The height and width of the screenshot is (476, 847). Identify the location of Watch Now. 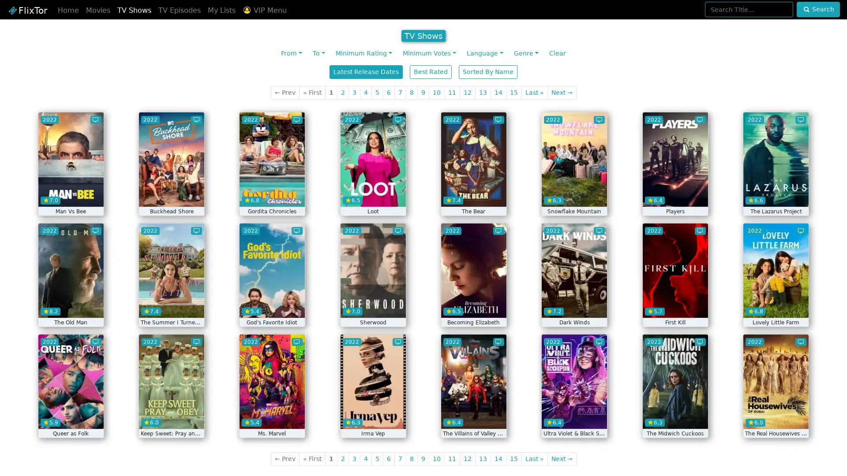
(272, 193).